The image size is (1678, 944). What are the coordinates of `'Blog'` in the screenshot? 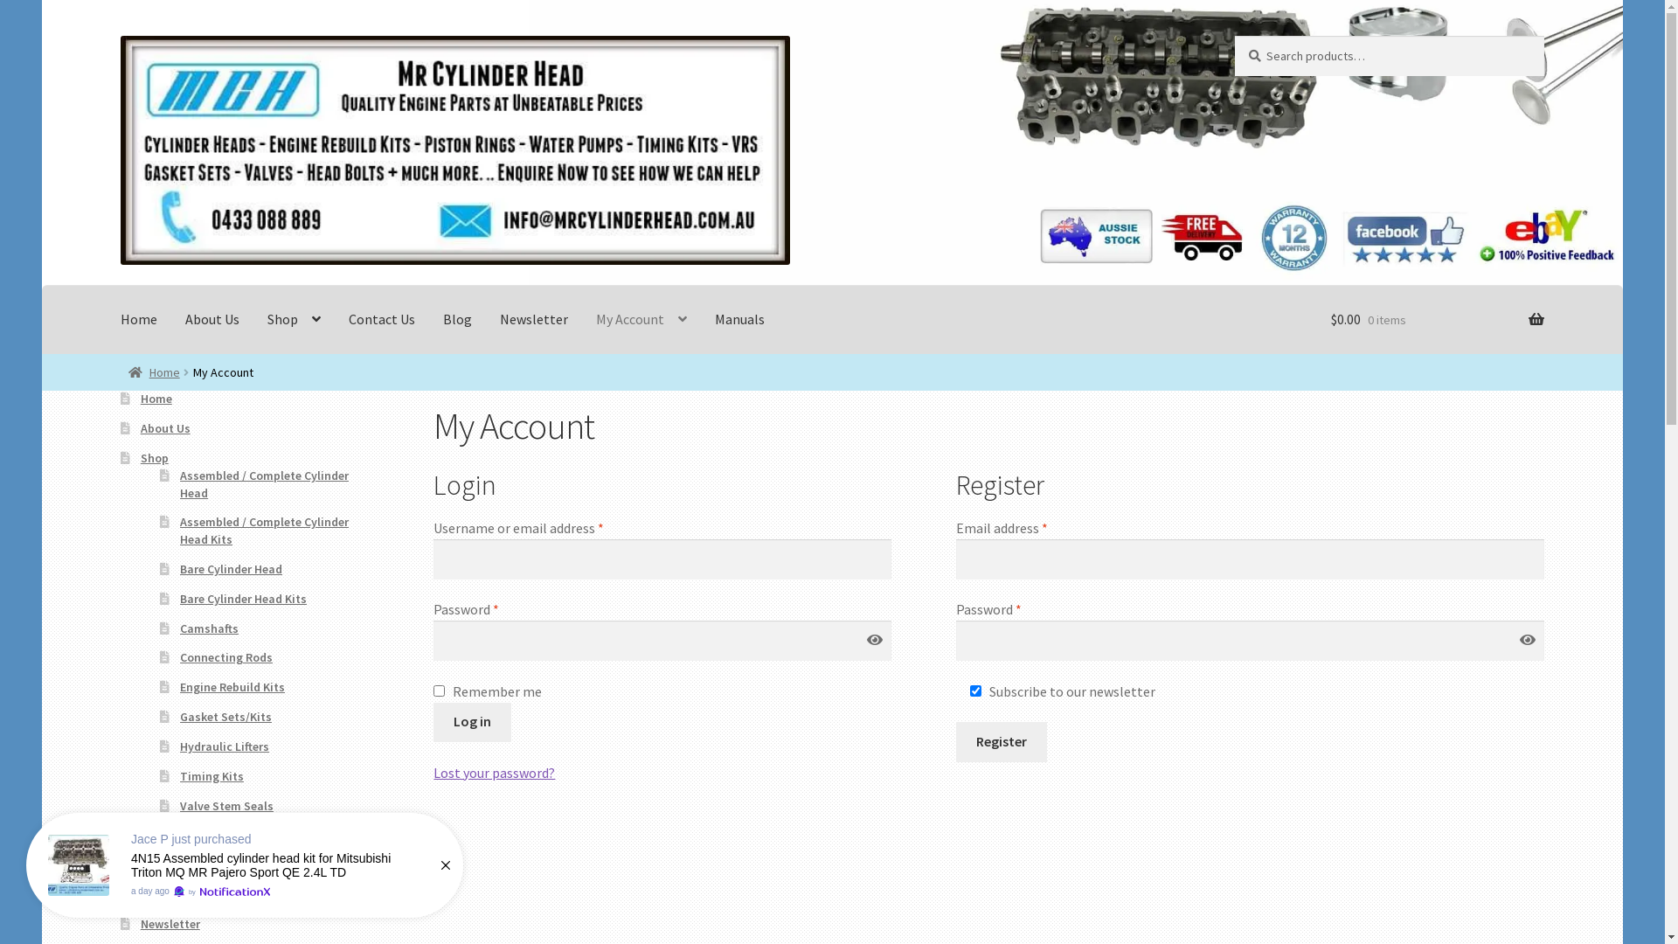 It's located at (141, 893).